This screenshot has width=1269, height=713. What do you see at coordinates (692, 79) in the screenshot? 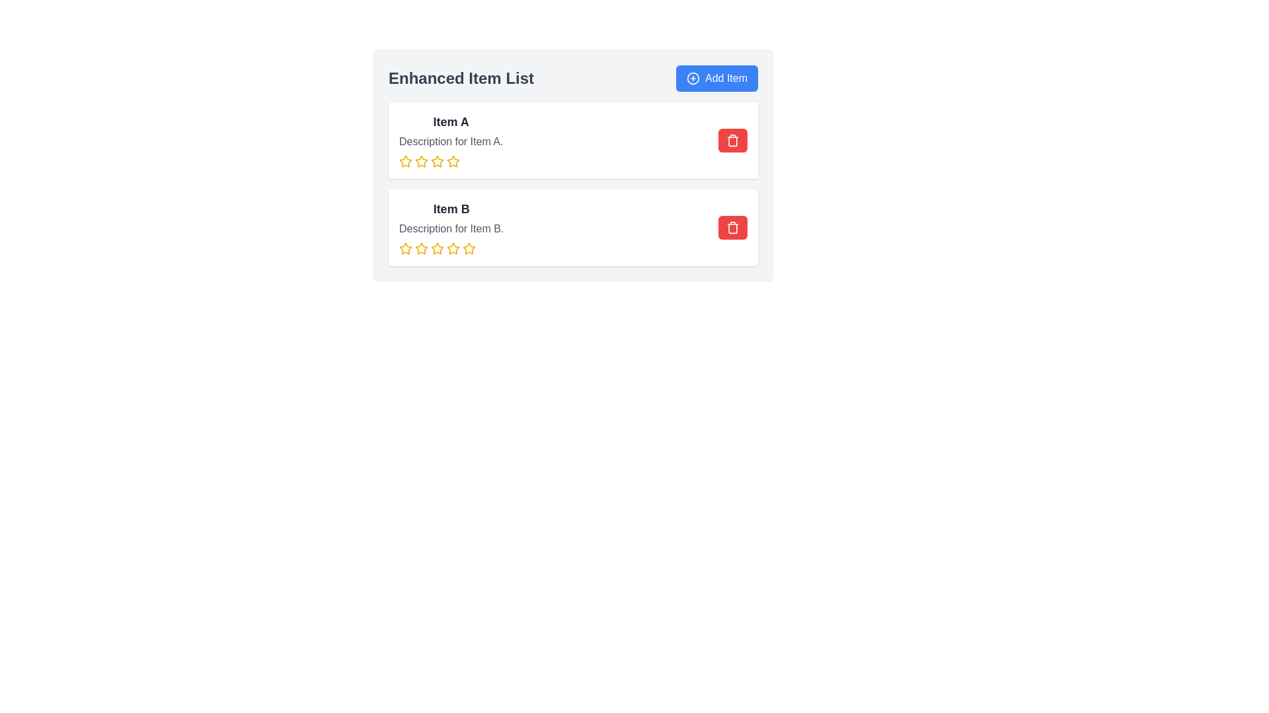
I see `the icon representing the action of adding a new item, located at the top-right of the interactive section, associated with the 'Add Item' button` at bounding box center [692, 79].